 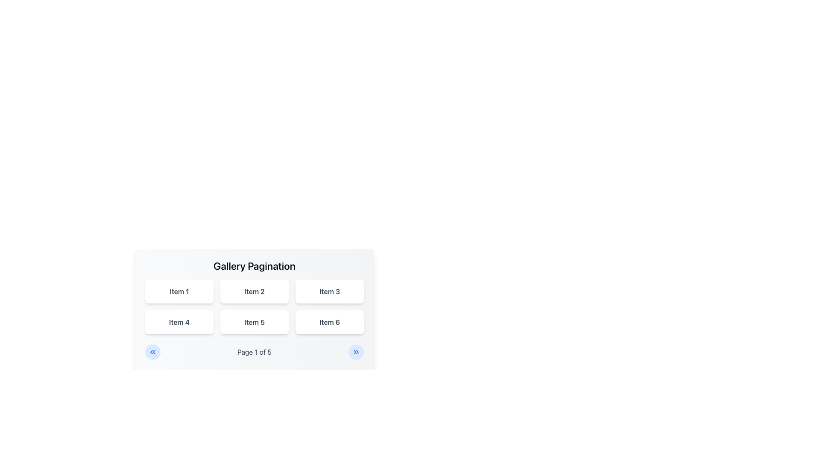 I want to click on the circular blue button with two right-facing chevrons, so click(x=356, y=352).